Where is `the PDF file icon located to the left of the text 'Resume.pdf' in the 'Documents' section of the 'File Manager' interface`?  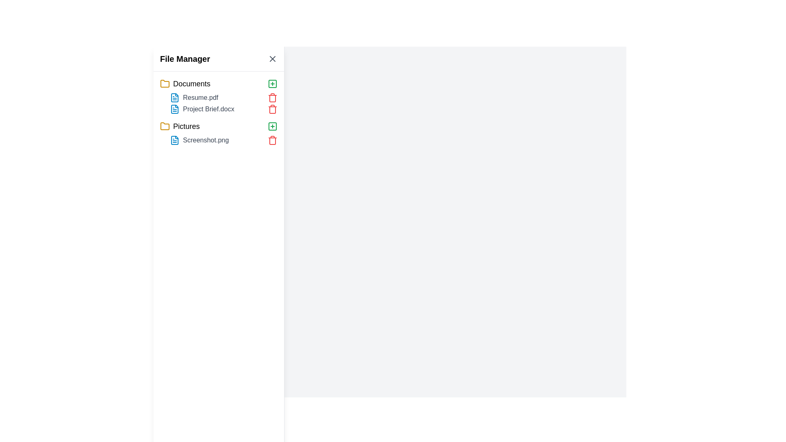
the PDF file icon located to the left of the text 'Resume.pdf' in the 'Documents' section of the 'File Manager' interface is located at coordinates (174, 97).